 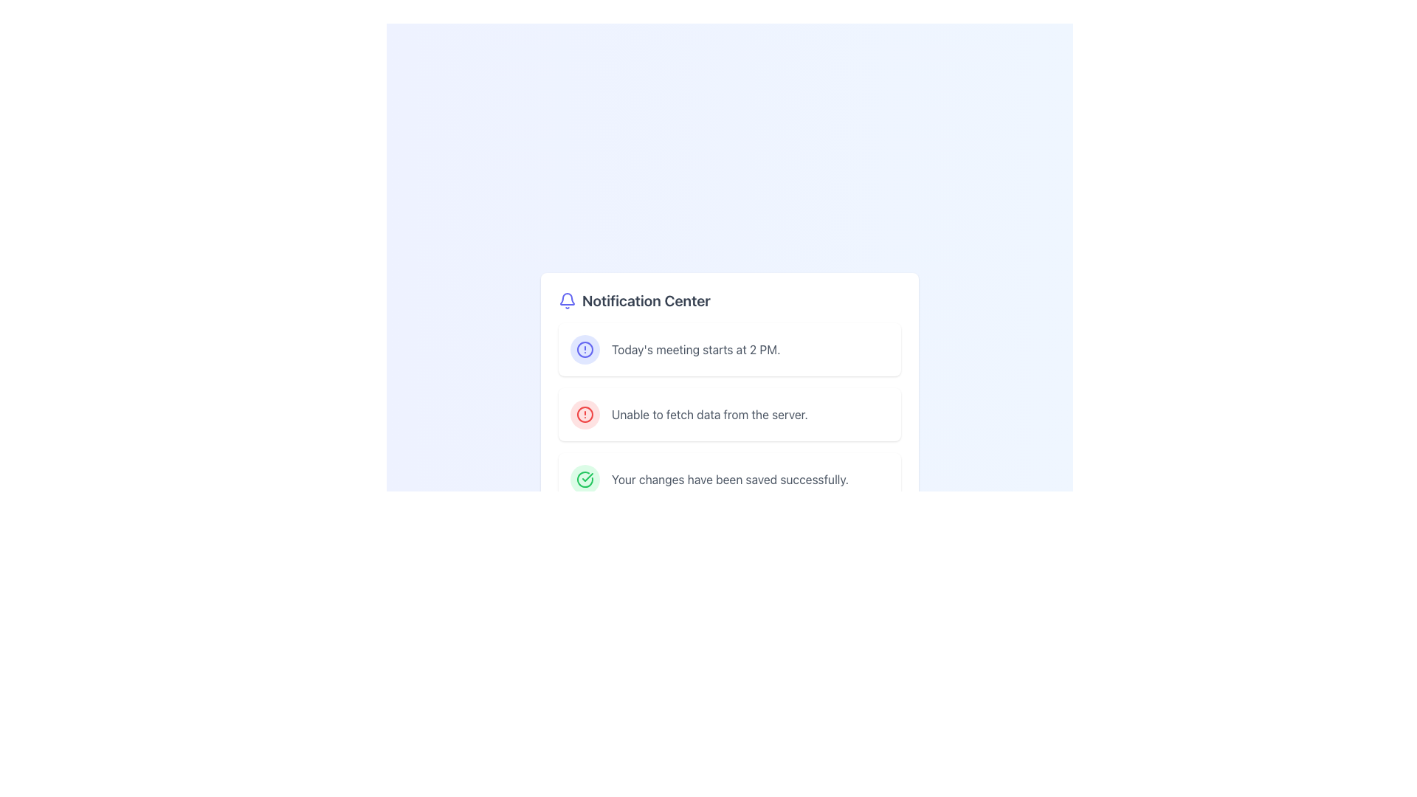 I want to click on the circular graphic icon with a green border located adjacent to the text 'Your changes have been saved successfully' in the rightmost notification item, so click(x=584, y=480).